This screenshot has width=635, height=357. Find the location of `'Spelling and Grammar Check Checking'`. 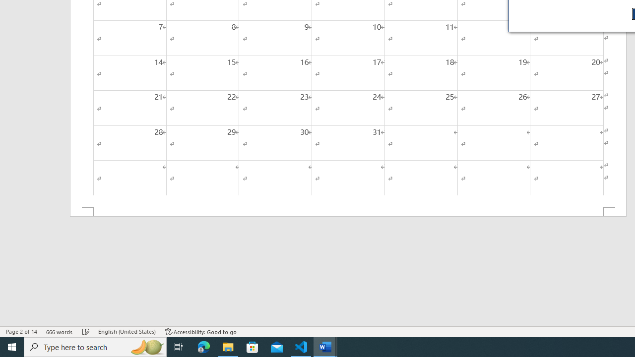

'Spelling and Grammar Check Checking' is located at coordinates (86, 332).